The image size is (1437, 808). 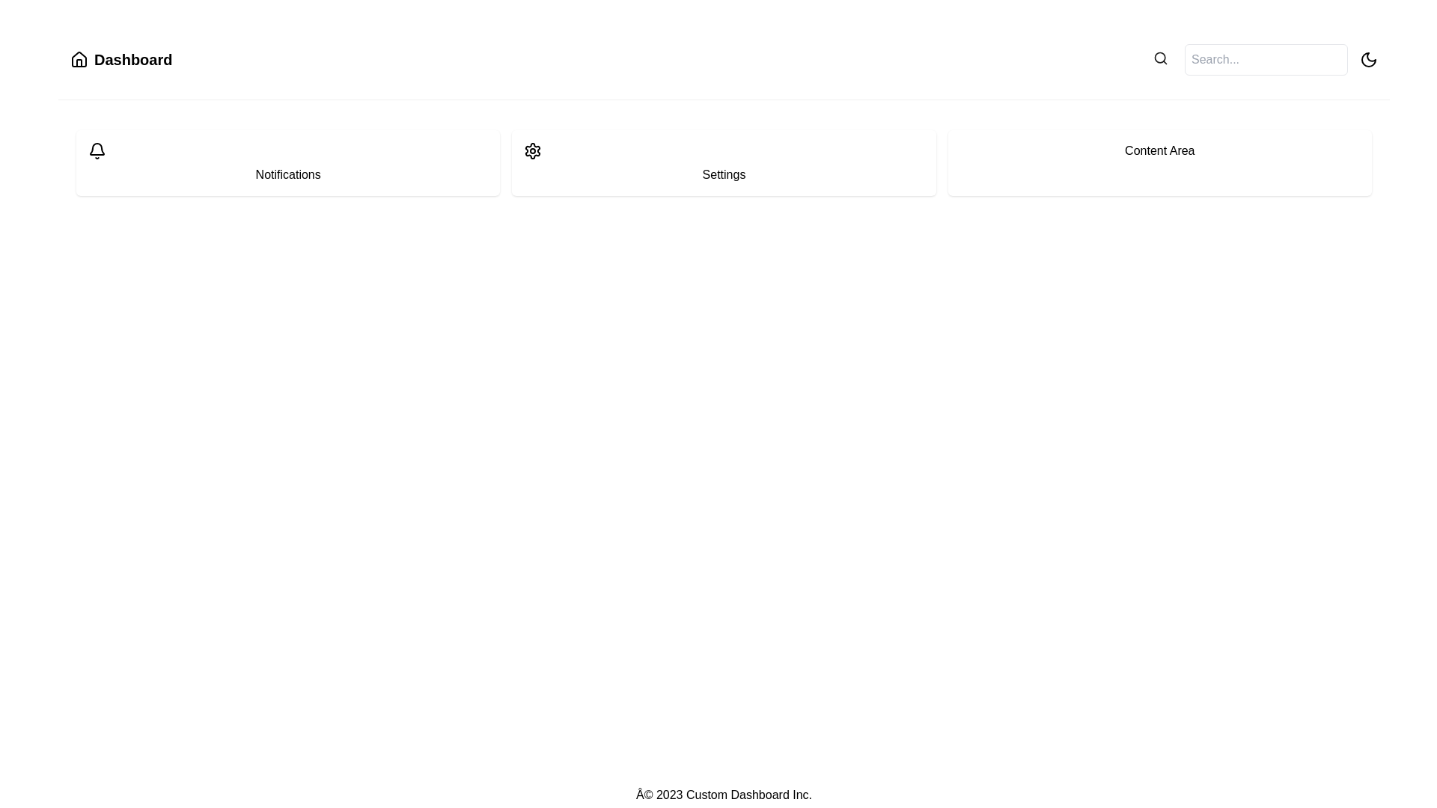 What do you see at coordinates (724, 163) in the screenshot?
I see `the 'Settings' navigational link or button, which features a cogwheel icon and is centrally aligned within the grid layout` at bounding box center [724, 163].